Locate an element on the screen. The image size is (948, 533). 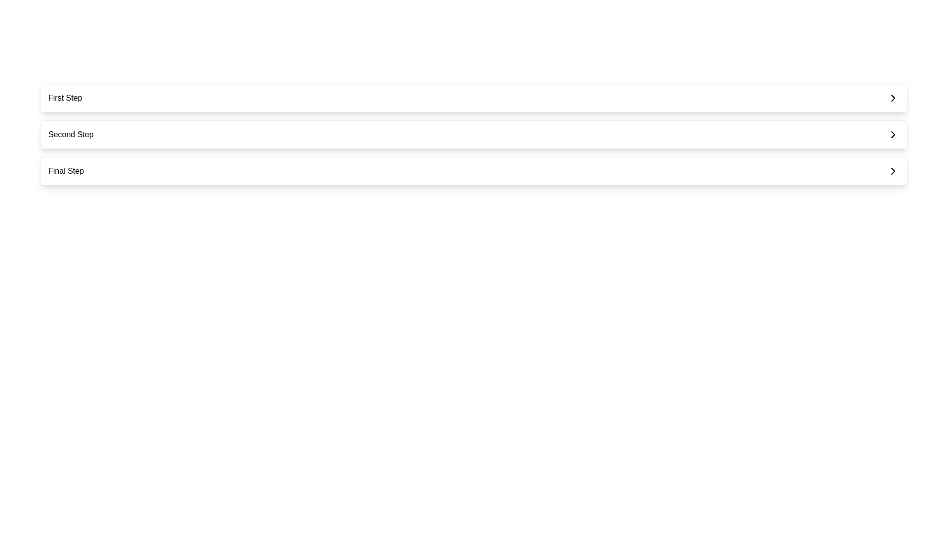
the navigation icon located at the far right end of the 'First Step' option in the vertical list, indicating it can be interacted with for further navigation or expansion is located at coordinates (893, 98).